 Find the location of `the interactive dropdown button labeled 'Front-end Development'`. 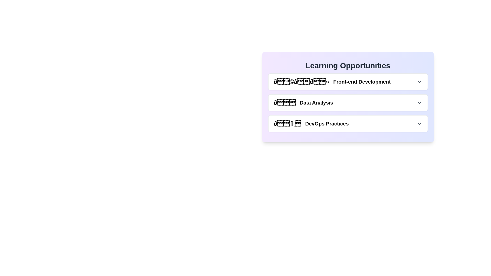

the interactive dropdown button labeled 'Front-end Development' is located at coordinates (348, 82).